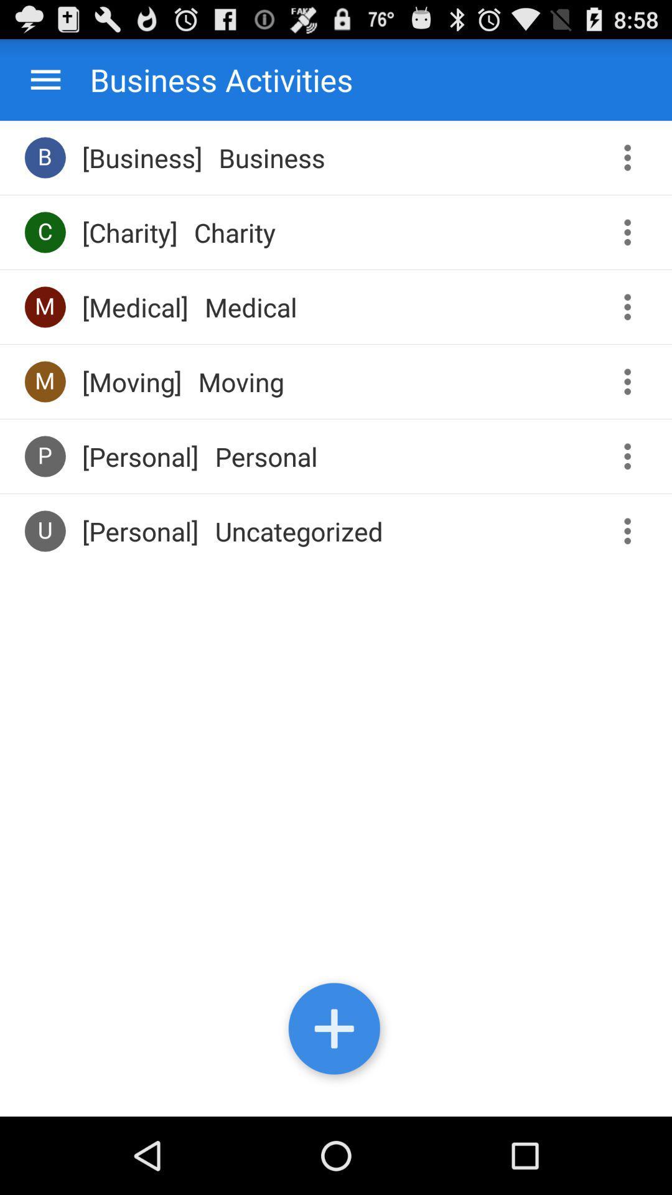  What do you see at coordinates (632, 232) in the screenshot?
I see `expand options` at bounding box center [632, 232].